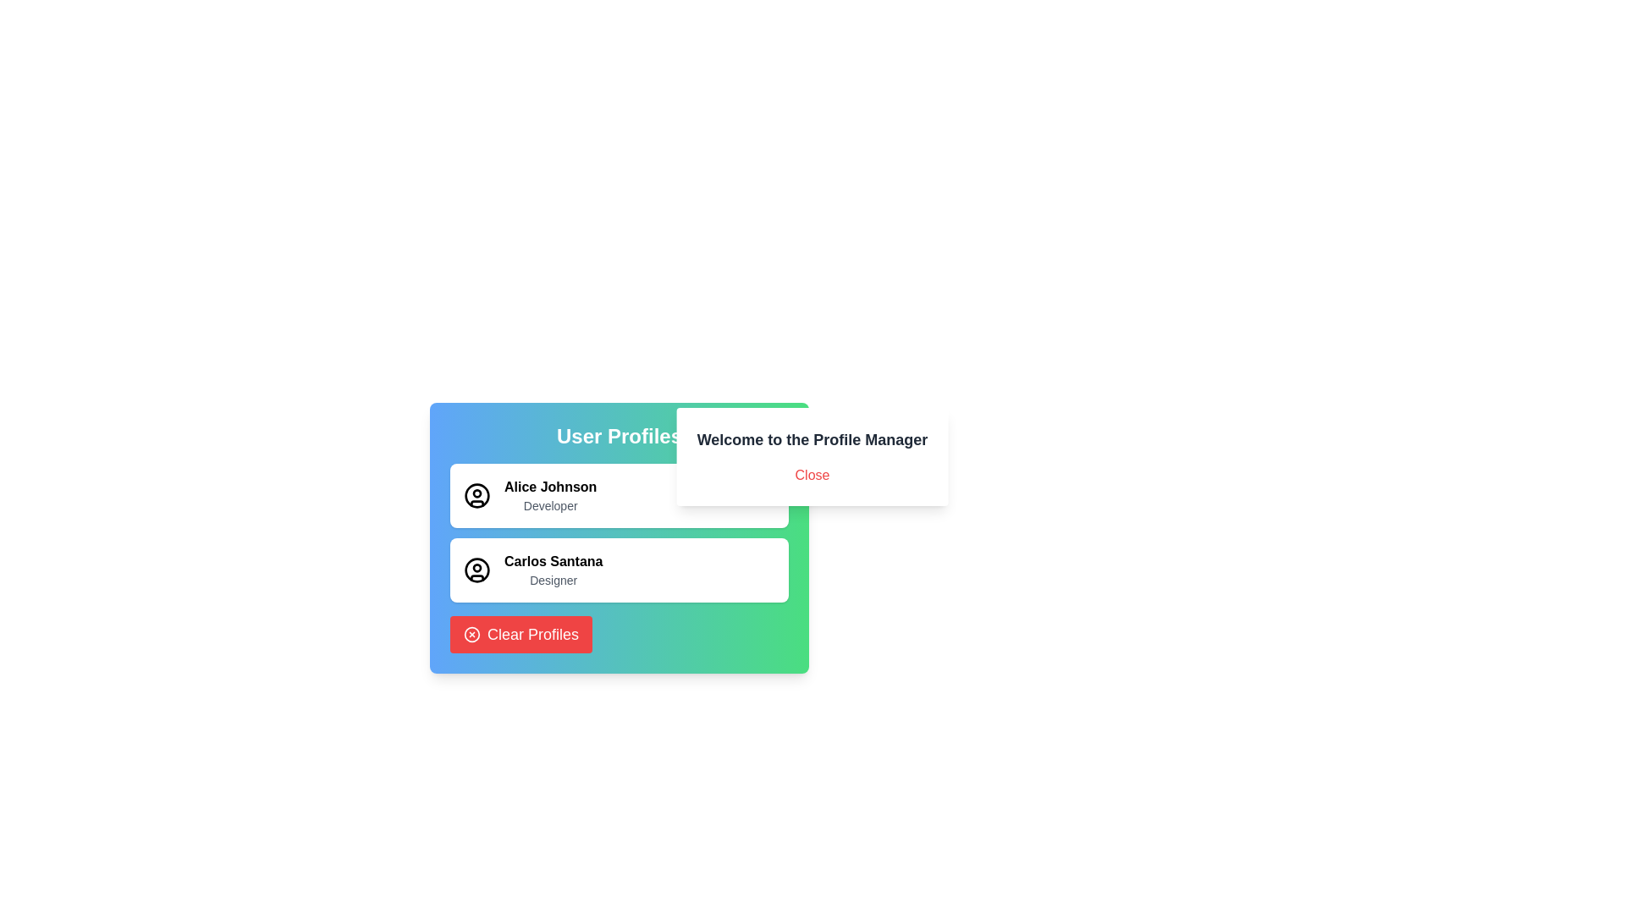  Describe the element at coordinates (520, 634) in the screenshot. I see `the rectangular button with a red background and rounded corners labeled 'Clear Profiles' to trigger its hover behavior` at that location.